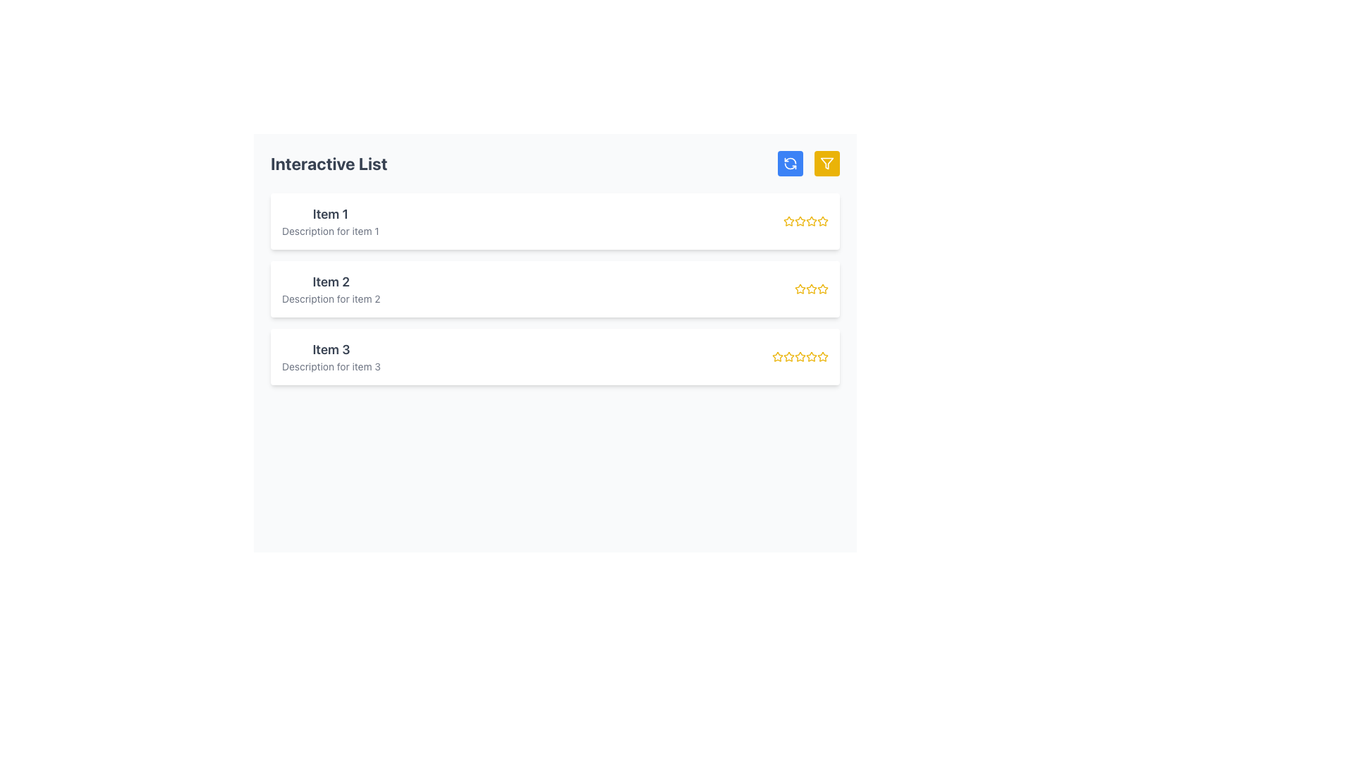 This screenshot has height=762, width=1354. What do you see at coordinates (330, 298) in the screenshot?
I see `the text label providing additional descriptive information for 'Item 2', which is located beneath the title and above the star icons` at bounding box center [330, 298].